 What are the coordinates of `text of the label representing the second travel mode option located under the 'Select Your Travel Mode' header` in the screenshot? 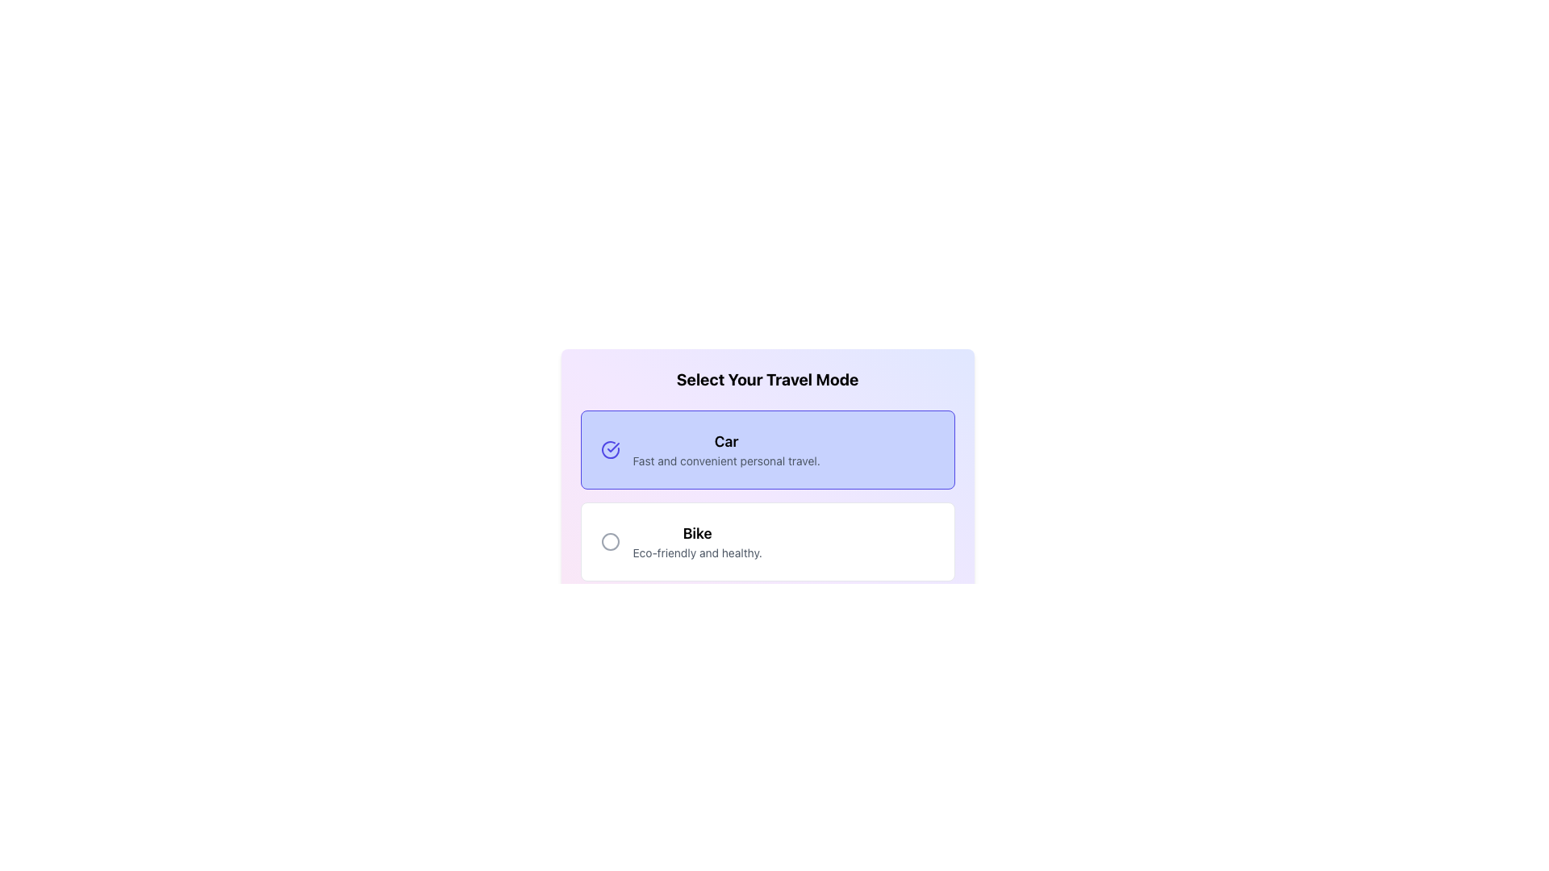 It's located at (697, 534).